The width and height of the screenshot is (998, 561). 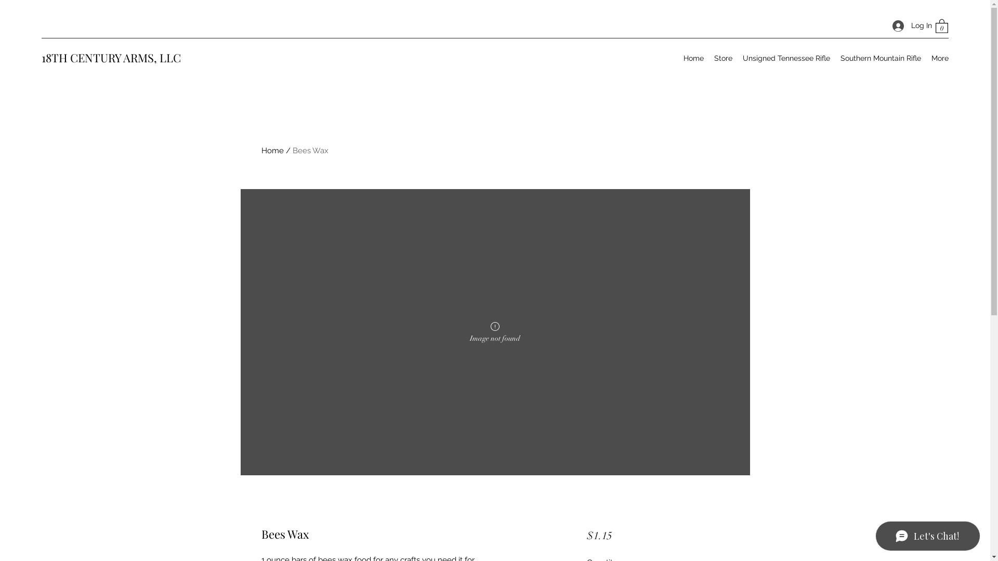 What do you see at coordinates (941, 25) in the screenshot?
I see `'0'` at bounding box center [941, 25].